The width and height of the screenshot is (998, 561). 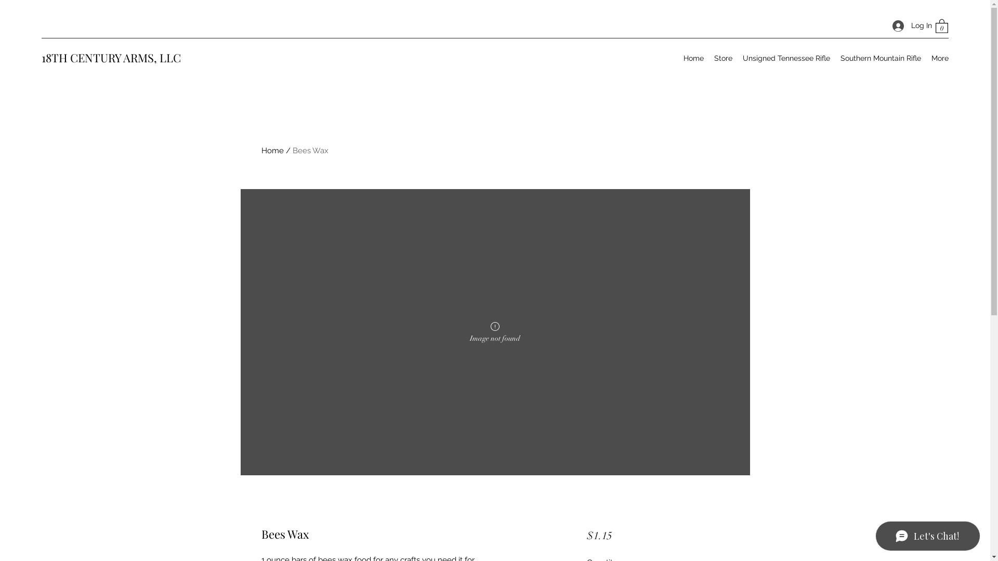 What do you see at coordinates (941, 25) in the screenshot?
I see `'0'` at bounding box center [941, 25].